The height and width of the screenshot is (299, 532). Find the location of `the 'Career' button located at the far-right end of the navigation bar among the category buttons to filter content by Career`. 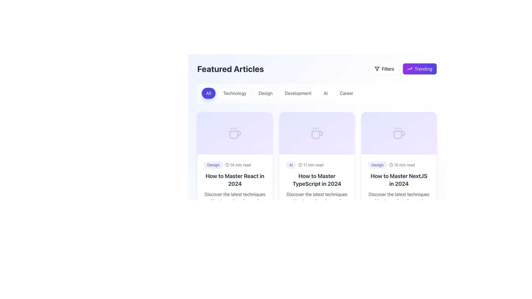

the 'Career' button located at the far-right end of the navigation bar among the category buttons to filter content by Career is located at coordinates (346, 93).